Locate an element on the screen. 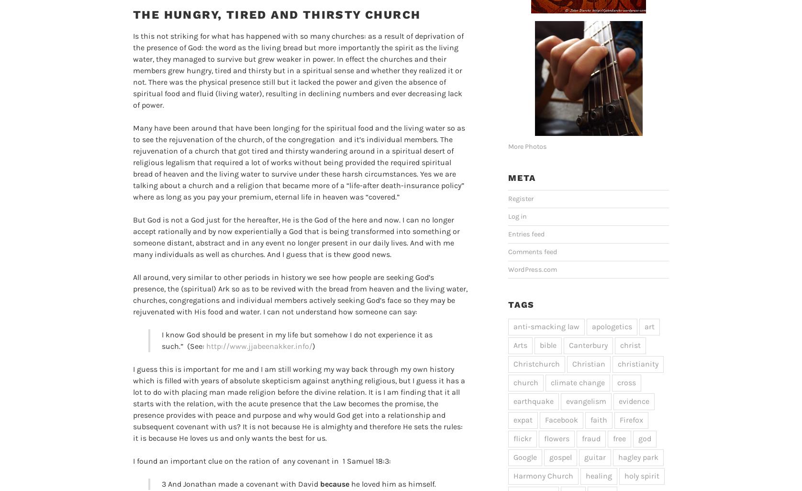 The height and width of the screenshot is (491, 802). 'holy spirit' is located at coordinates (624, 475).